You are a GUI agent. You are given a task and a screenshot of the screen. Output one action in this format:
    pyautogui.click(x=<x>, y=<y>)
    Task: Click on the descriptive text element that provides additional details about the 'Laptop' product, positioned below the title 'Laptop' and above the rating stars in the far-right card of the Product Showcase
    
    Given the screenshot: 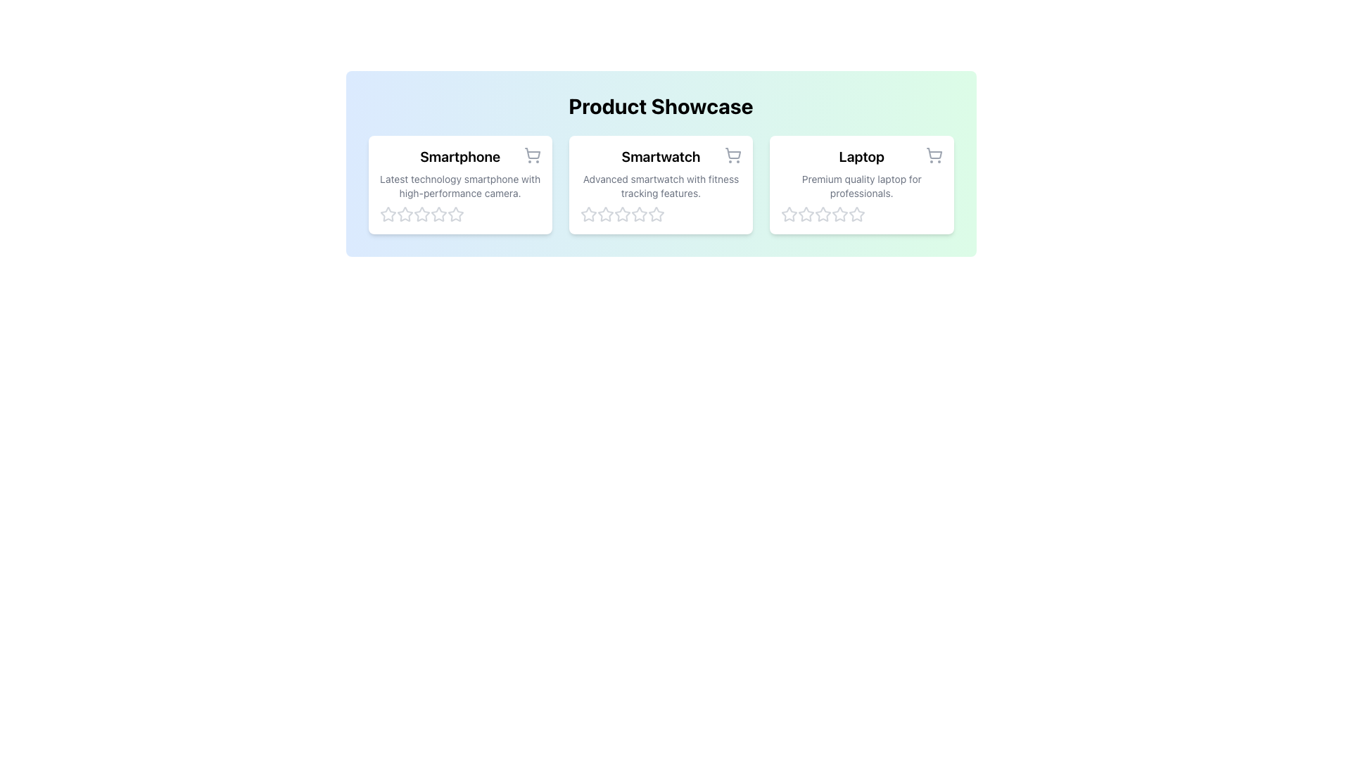 What is the action you would take?
    pyautogui.click(x=861, y=186)
    